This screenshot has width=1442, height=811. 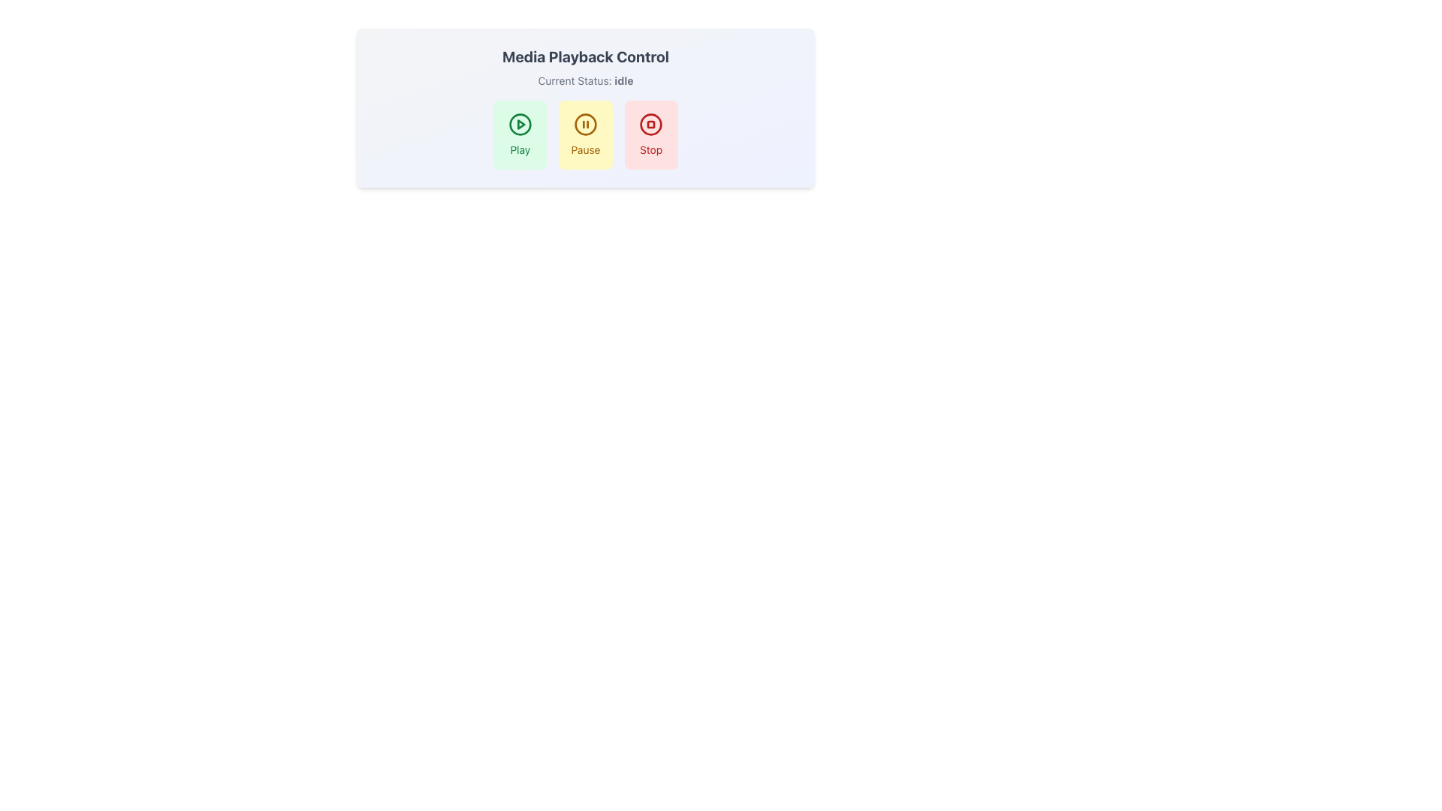 I want to click on the entire pause button, which is part of the Media Playback Control section and visually represented by a circular icon, so click(x=584, y=123).